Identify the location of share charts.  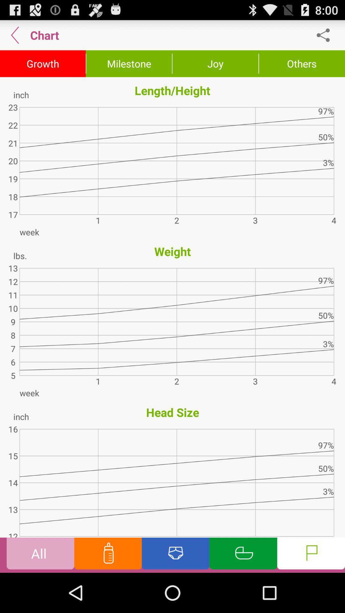
(326, 35).